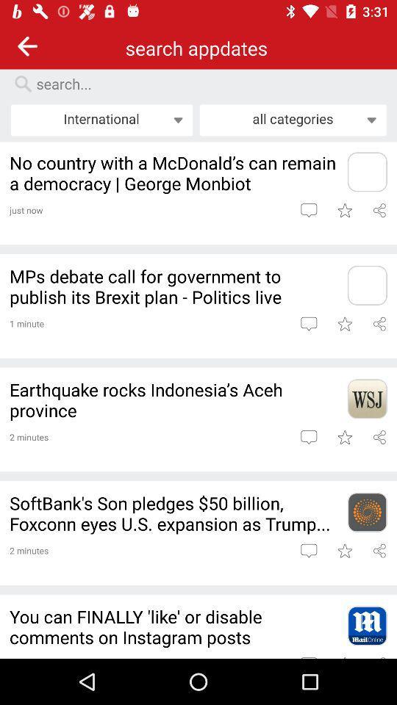 The image size is (397, 705). Describe the element at coordinates (366, 625) in the screenshot. I see `open news online webpage` at that location.